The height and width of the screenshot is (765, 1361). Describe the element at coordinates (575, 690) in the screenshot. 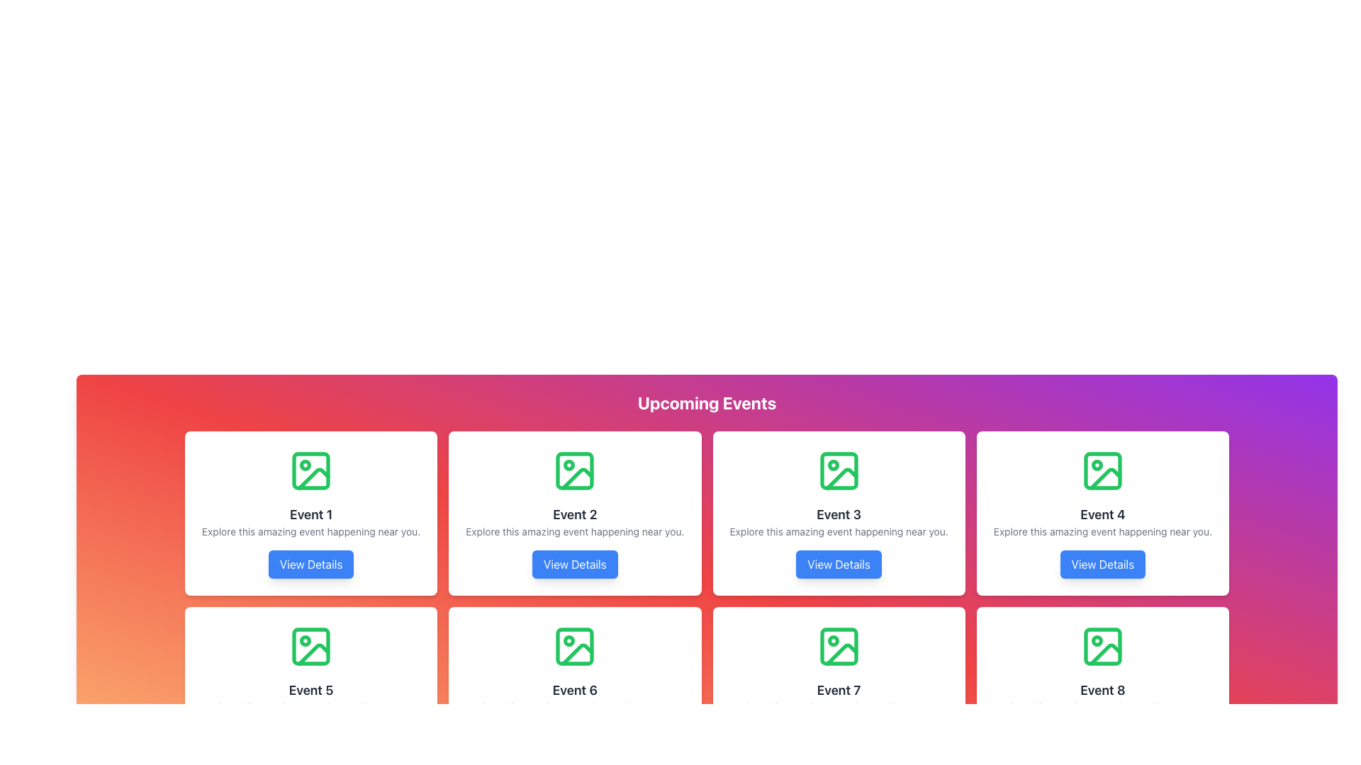

I see `the 'Event 6' text label` at that location.